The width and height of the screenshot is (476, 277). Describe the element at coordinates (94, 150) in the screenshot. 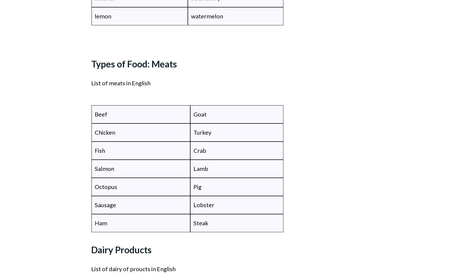

I see `'Fish'` at that location.